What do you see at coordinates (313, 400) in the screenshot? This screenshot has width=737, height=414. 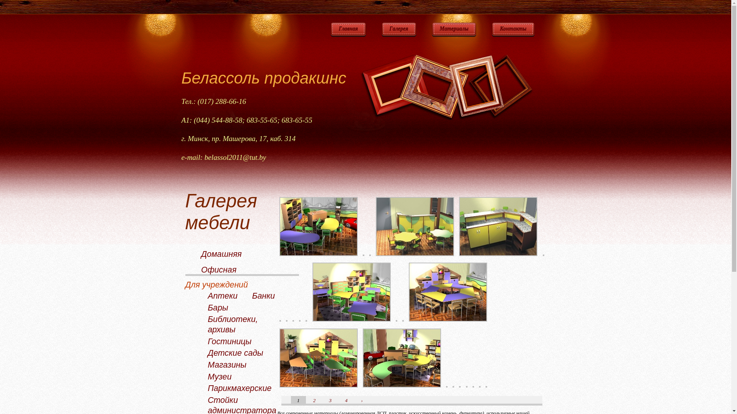 I see `'2'` at bounding box center [313, 400].